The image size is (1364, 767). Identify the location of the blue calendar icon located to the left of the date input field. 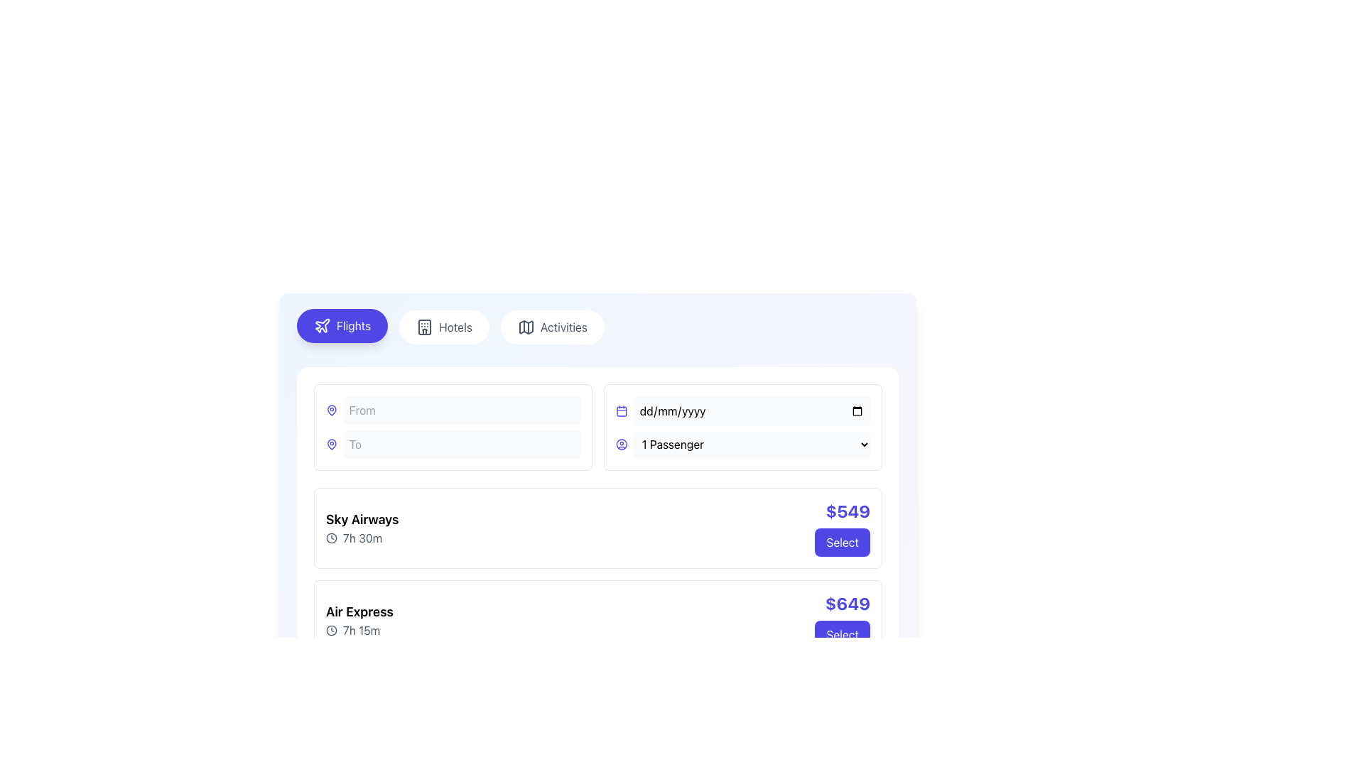
(622, 410).